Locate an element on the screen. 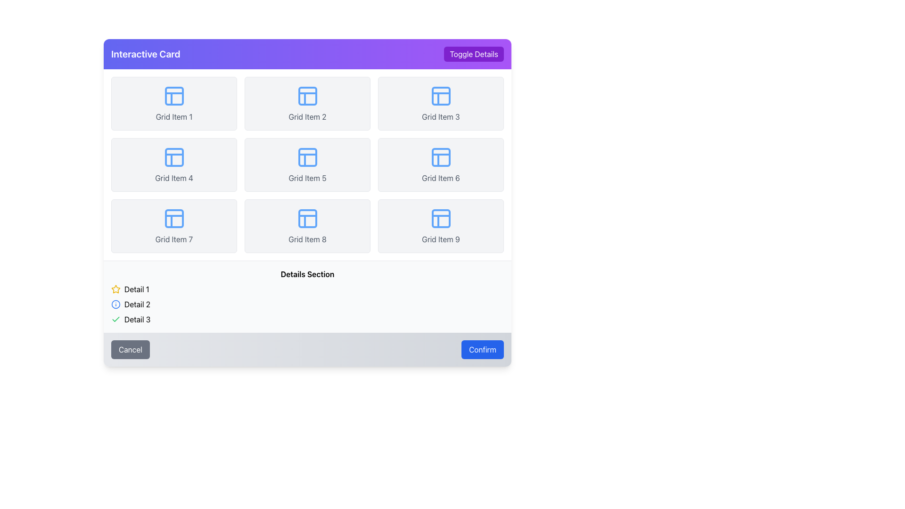 The image size is (905, 509). the Decorative element with a blue outline and white fill located in 'Grid Item 6', positioned in the second row, third column of a 3x3 grid is located at coordinates (440, 157).